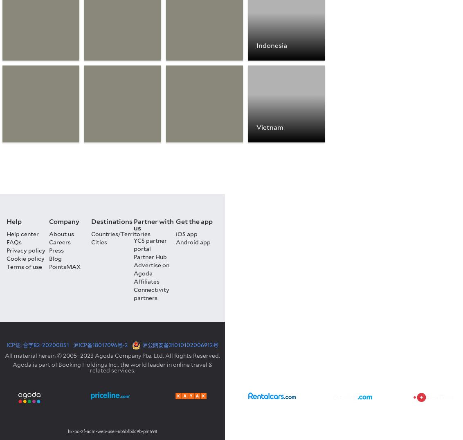  What do you see at coordinates (150, 244) in the screenshot?
I see `'YCS partner portal'` at bounding box center [150, 244].